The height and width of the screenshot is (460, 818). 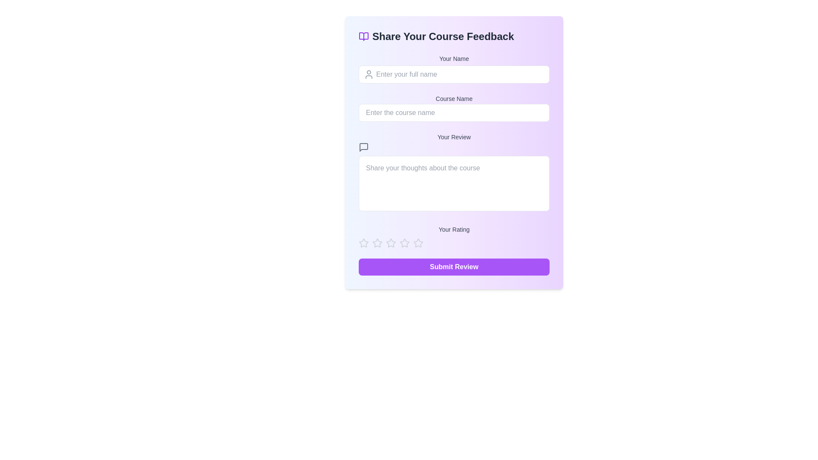 I want to click on the first star icon in the rating component for tooltip or visual feedback, so click(x=364, y=243).